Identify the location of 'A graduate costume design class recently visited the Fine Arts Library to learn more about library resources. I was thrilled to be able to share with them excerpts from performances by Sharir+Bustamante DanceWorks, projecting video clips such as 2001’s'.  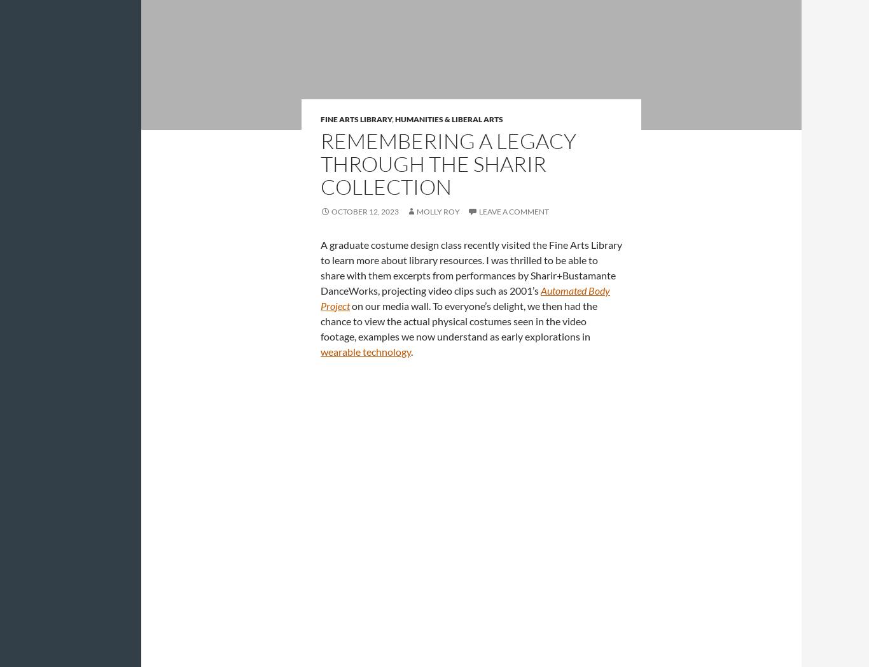
(321, 267).